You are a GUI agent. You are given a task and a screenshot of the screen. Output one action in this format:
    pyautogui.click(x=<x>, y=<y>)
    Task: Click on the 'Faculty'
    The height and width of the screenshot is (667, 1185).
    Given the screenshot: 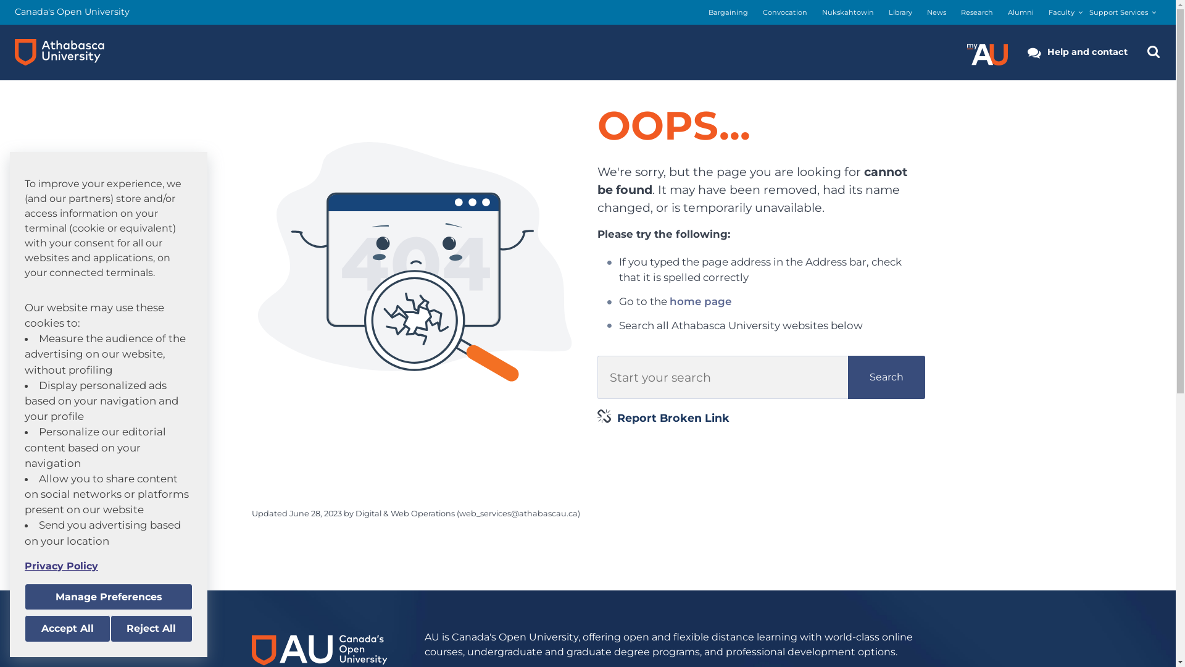 What is the action you would take?
    pyautogui.click(x=1060, y=12)
    